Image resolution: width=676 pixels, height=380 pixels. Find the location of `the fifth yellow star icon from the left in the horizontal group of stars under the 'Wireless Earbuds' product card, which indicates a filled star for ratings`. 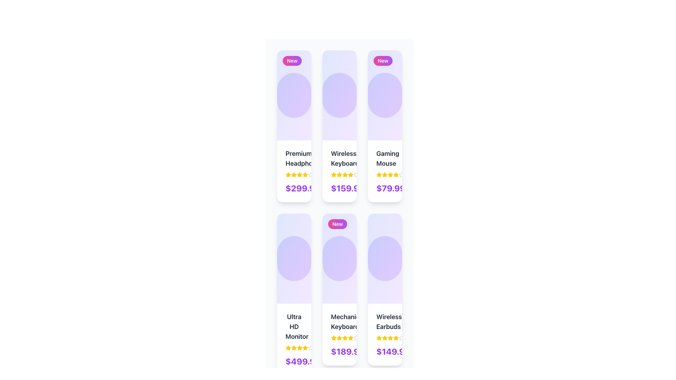

the fifth yellow star icon from the left in the horizontal group of stars under the 'Wireless Earbuds' product card, which indicates a filled star for ratings is located at coordinates (396, 337).